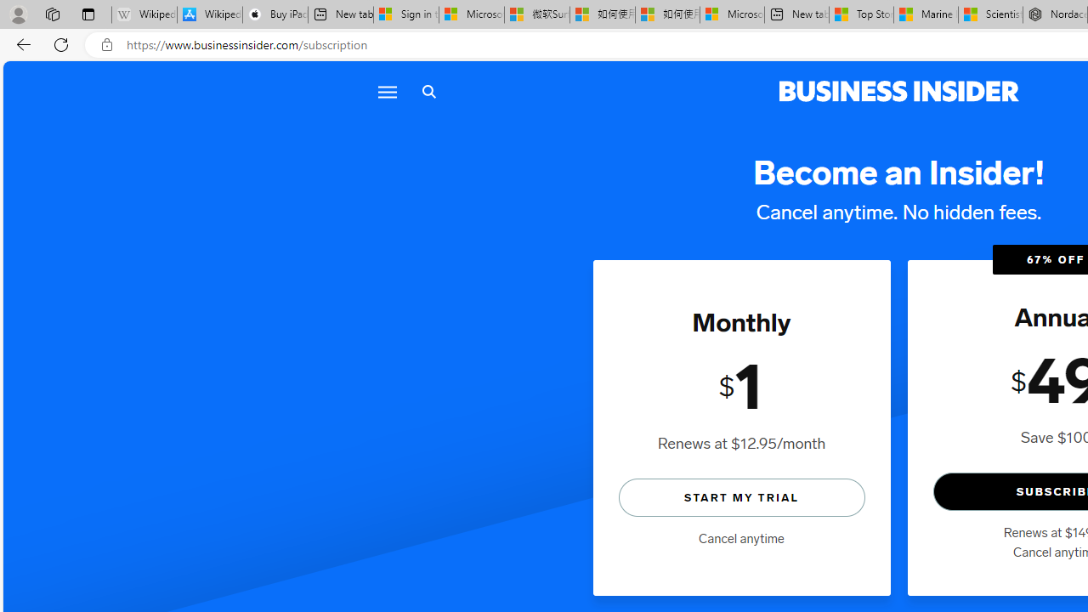 The height and width of the screenshot is (612, 1088). Describe the element at coordinates (144, 14) in the screenshot. I see `'Wikipedia - Sleeping'` at that location.